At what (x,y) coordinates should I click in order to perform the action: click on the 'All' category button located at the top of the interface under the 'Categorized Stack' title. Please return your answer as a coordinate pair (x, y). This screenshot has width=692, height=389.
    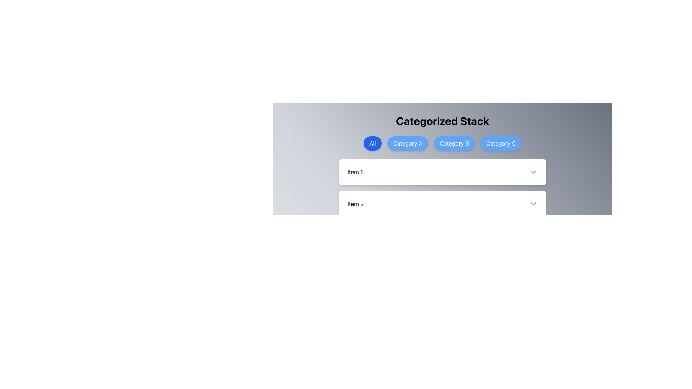
    Looking at the image, I should click on (372, 143).